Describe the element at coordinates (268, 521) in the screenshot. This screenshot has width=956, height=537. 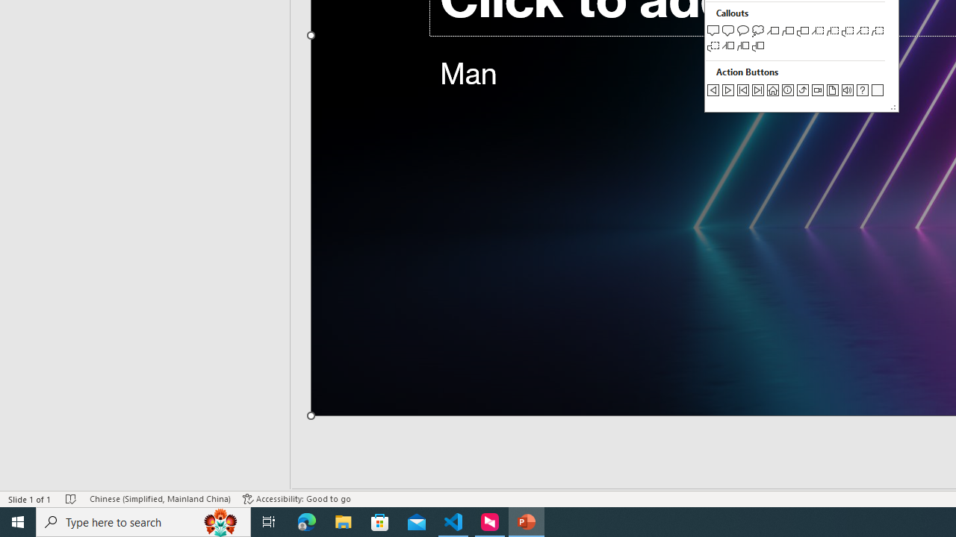
I see `'Task View'` at that location.